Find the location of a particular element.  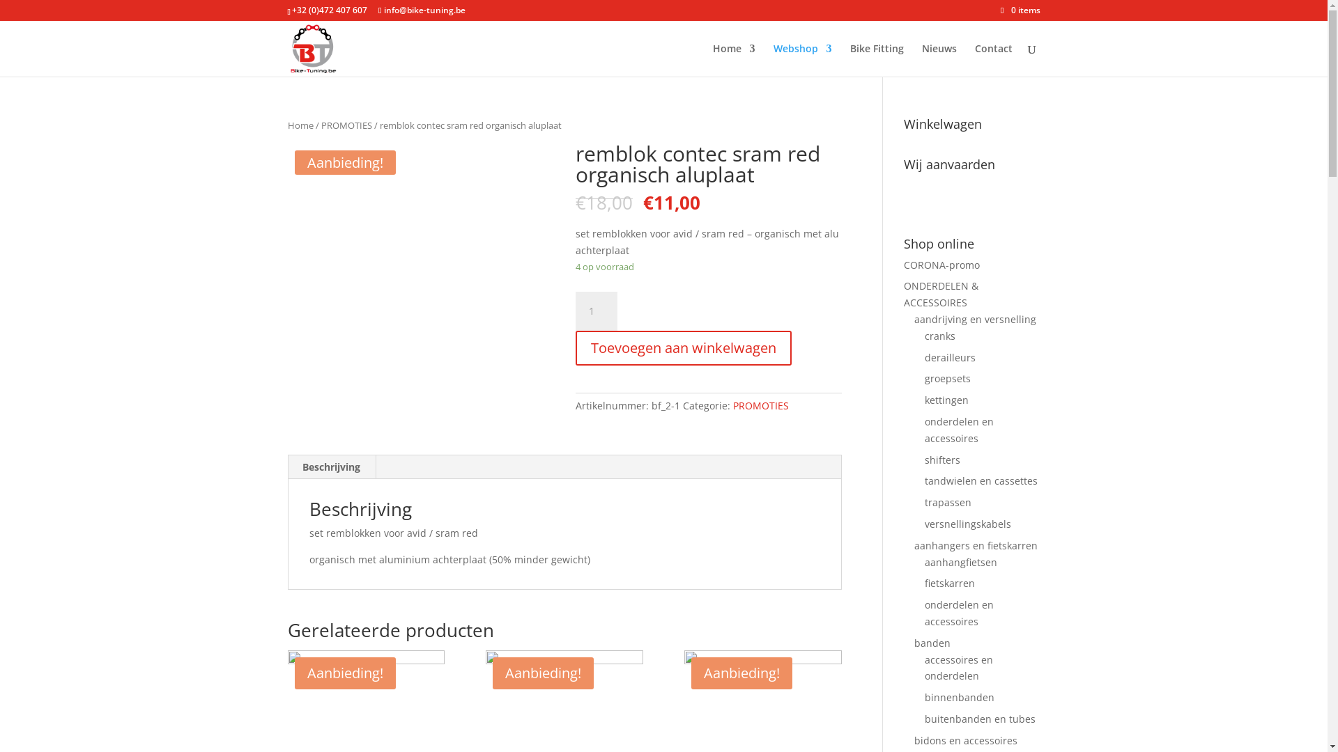

'Bike Fitting' is located at coordinates (876, 59).